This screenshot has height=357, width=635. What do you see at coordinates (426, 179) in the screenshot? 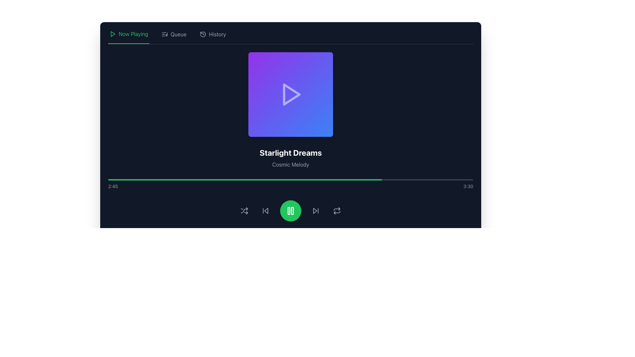
I see `the progress bar` at bounding box center [426, 179].